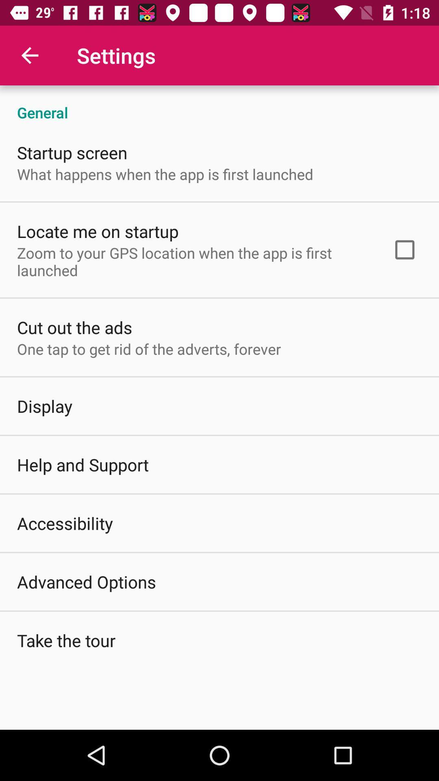  I want to click on icon above the display item, so click(149, 349).